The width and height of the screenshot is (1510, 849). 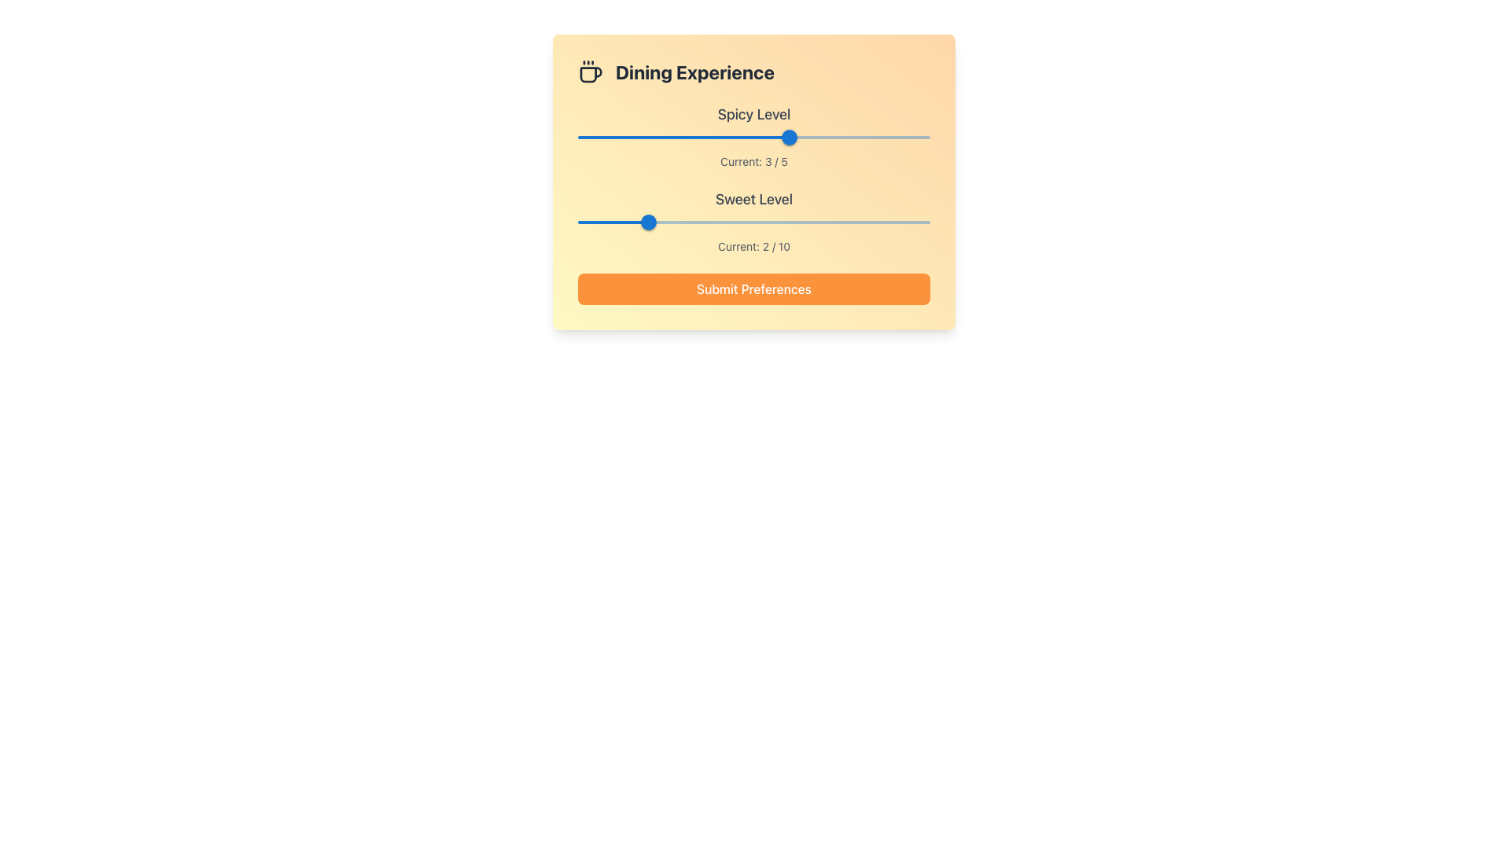 What do you see at coordinates (879, 136) in the screenshot?
I see `the spicy level slider` at bounding box center [879, 136].